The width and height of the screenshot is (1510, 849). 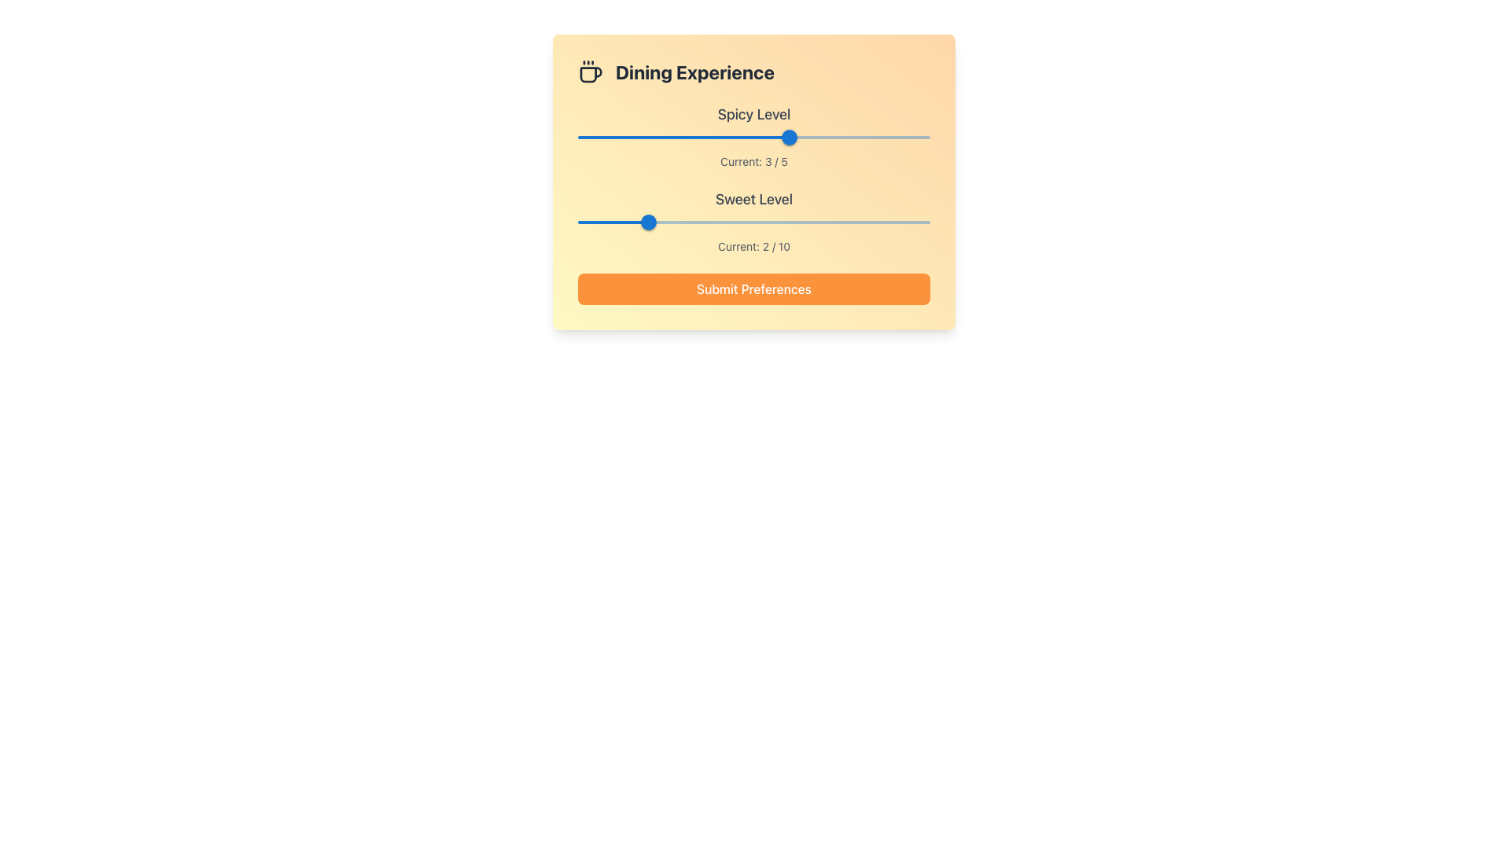 What do you see at coordinates (879, 136) in the screenshot?
I see `the spicy level slider` at bounding box center [879, 136].